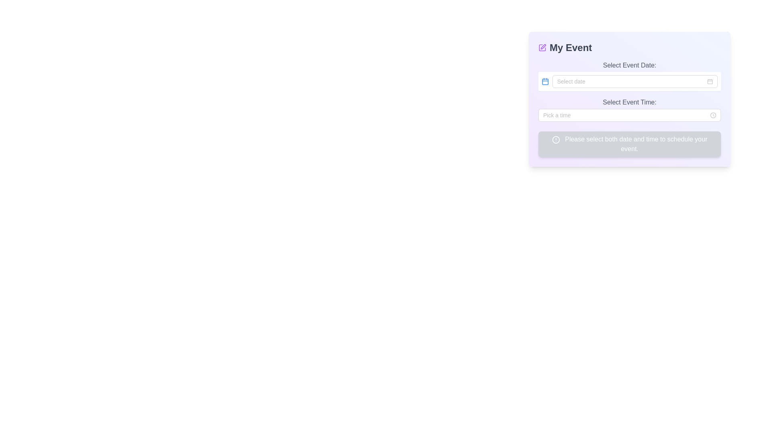 This screenshot has height=434, width=772. Describe the element at coordinates (629, 115) in the screenshot. I see `a time from the dropdown menu of the Time picker input field labeled 'Select Event Time' in the 'My Event' form` at that location.